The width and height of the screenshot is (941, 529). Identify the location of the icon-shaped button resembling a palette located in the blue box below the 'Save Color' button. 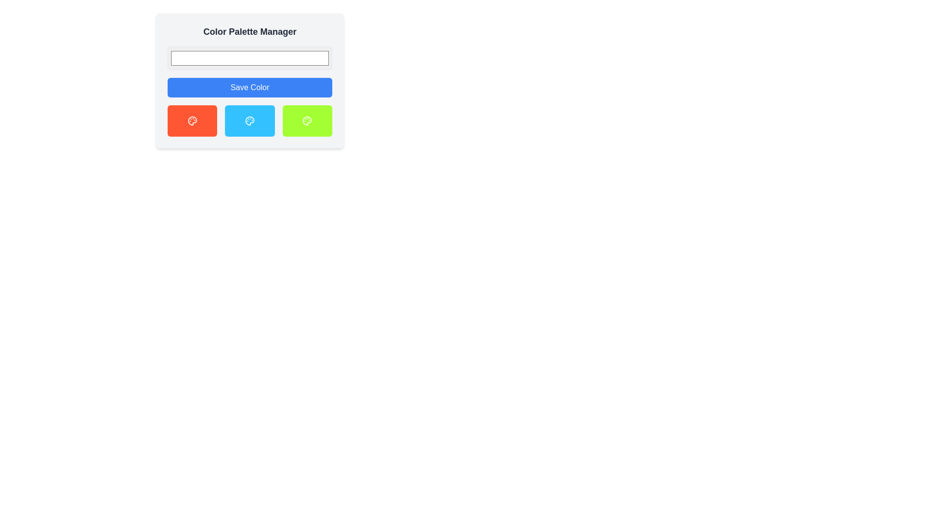
(249, 120).